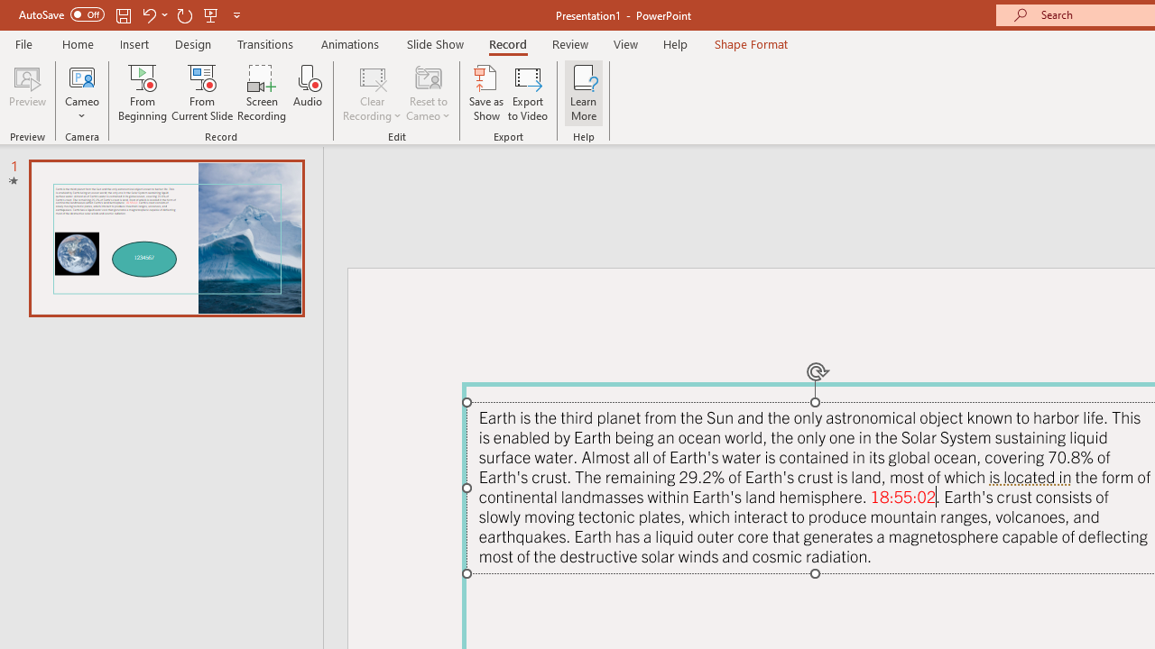 The image size is (1155, 649). Describe the element at coordinates (202, 93) in the screenshot. I see `'From Current Slide...'` at that location.